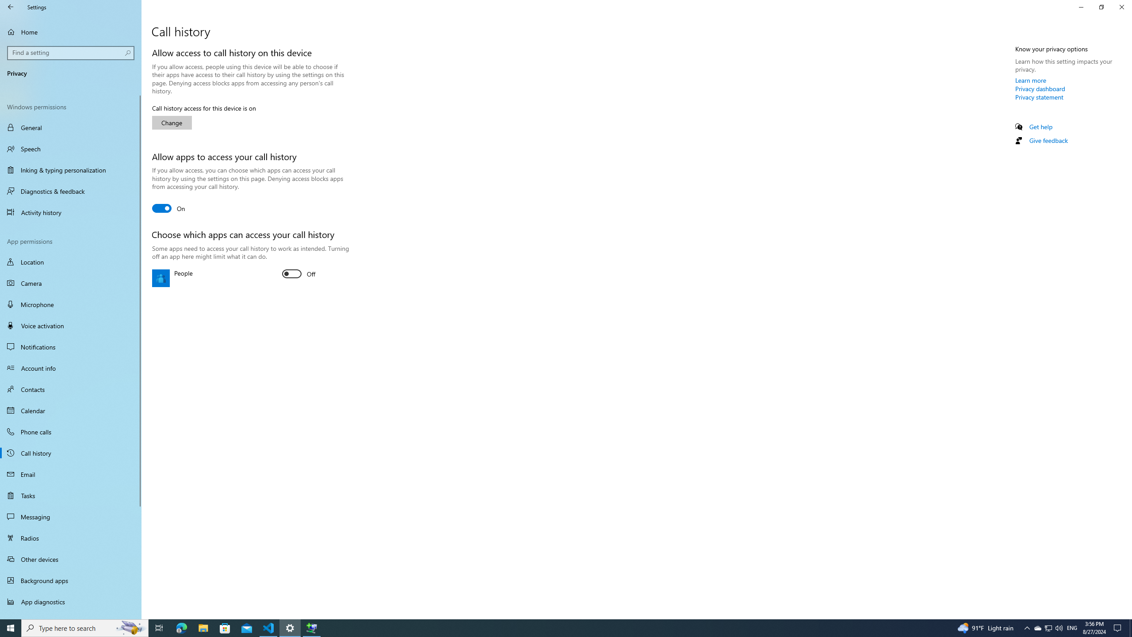  Describe the element at coordinates (70, 579) in the screenshot. I see `'Background apps'` at that location.